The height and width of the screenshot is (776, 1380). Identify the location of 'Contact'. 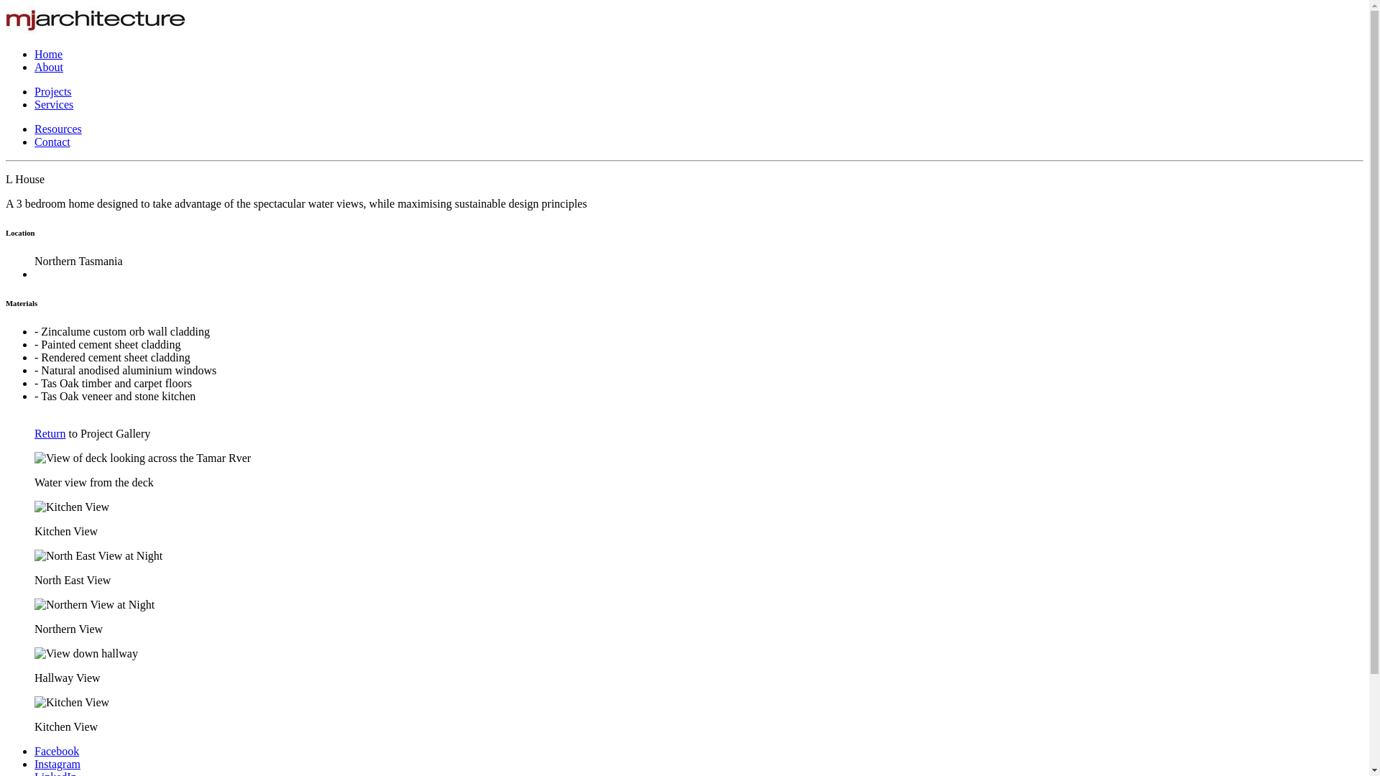
(52, 142).